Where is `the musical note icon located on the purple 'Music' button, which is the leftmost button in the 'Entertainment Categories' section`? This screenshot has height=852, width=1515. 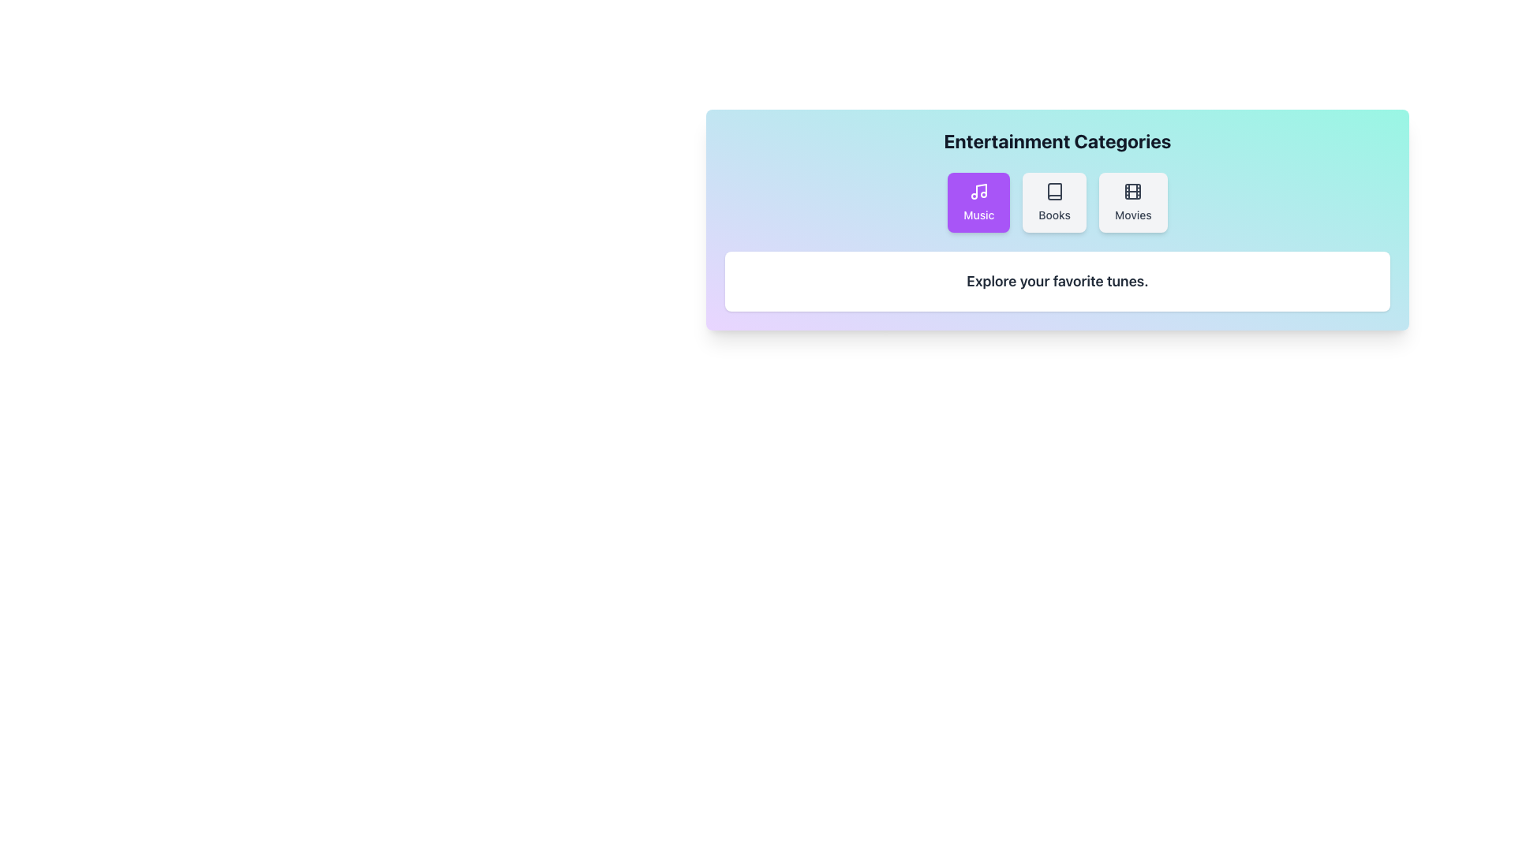
the musical note icon located on the purple 'Music' button, which is the leftmost button in the 'Entertainment Categories' section is located at coordinates (977, 191).